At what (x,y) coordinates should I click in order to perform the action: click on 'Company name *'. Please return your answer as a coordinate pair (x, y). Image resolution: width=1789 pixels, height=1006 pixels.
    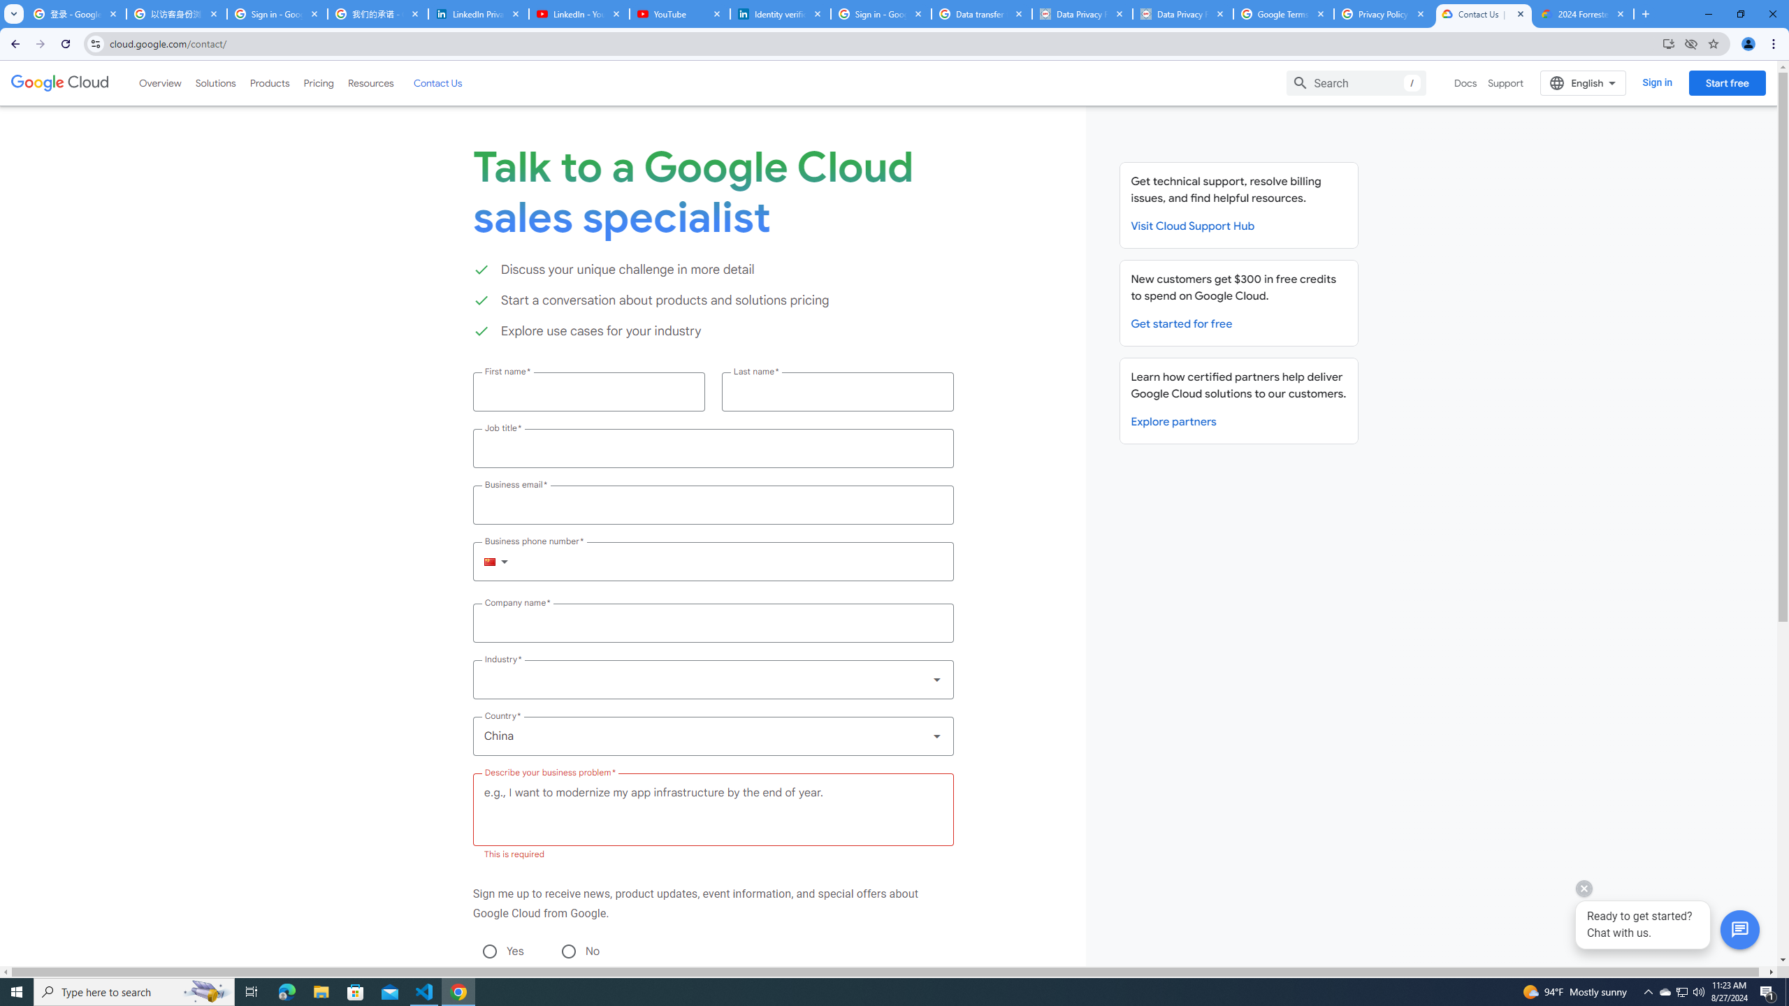
    Looking at the image, I should click on (712, 623).